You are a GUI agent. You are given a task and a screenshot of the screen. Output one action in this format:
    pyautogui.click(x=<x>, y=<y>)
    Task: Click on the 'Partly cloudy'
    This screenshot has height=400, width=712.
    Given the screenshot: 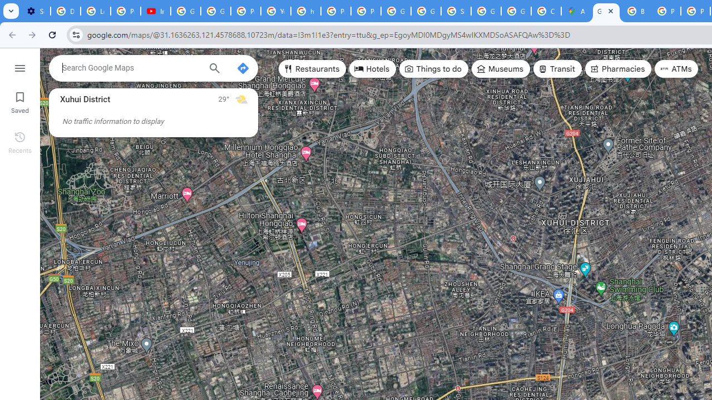 What is the action you would take?
    pyautogui.click(x=240, y=98)
    